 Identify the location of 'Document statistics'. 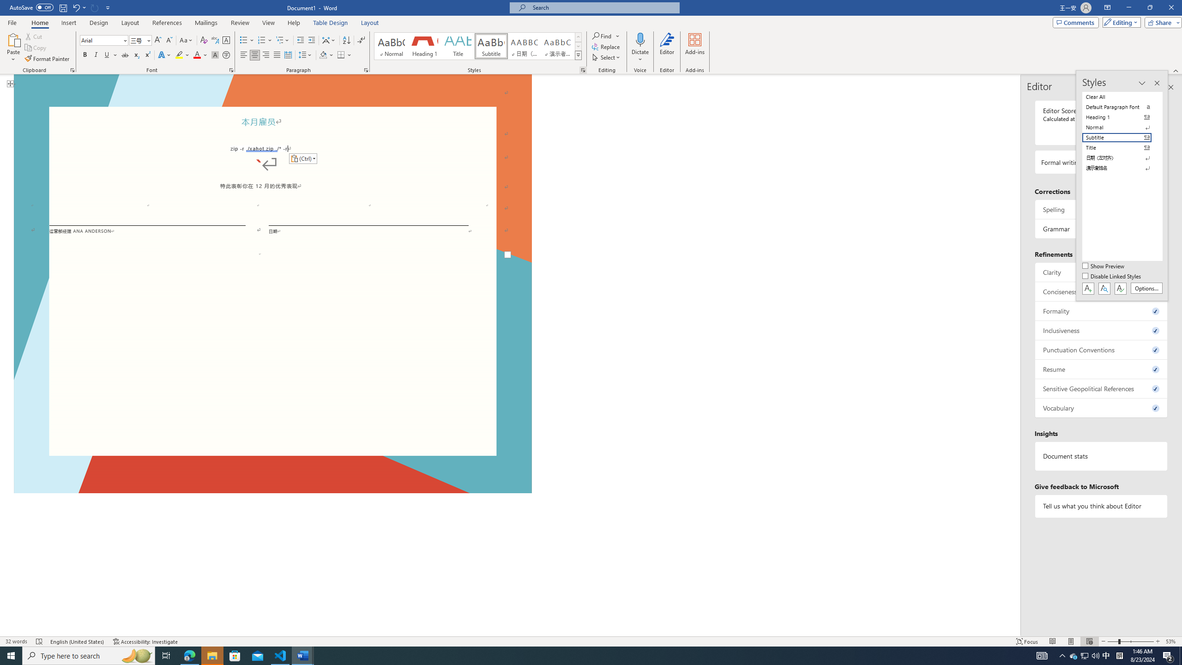
(1101, 456).